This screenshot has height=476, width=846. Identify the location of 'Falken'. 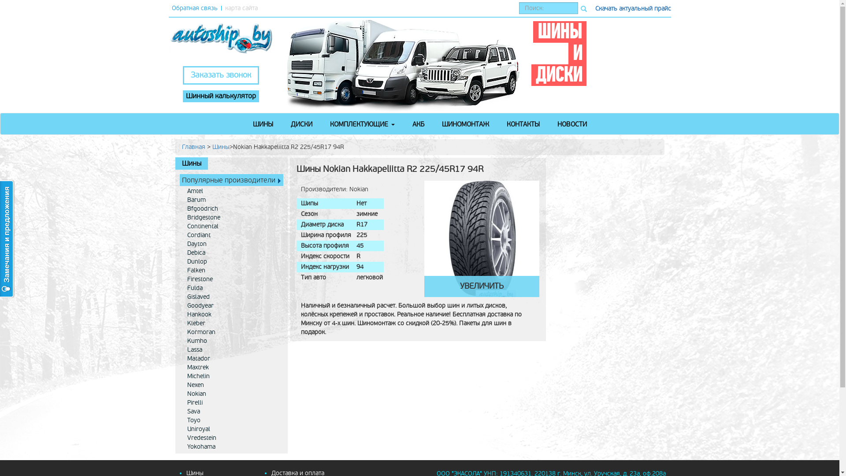
(233, 270).